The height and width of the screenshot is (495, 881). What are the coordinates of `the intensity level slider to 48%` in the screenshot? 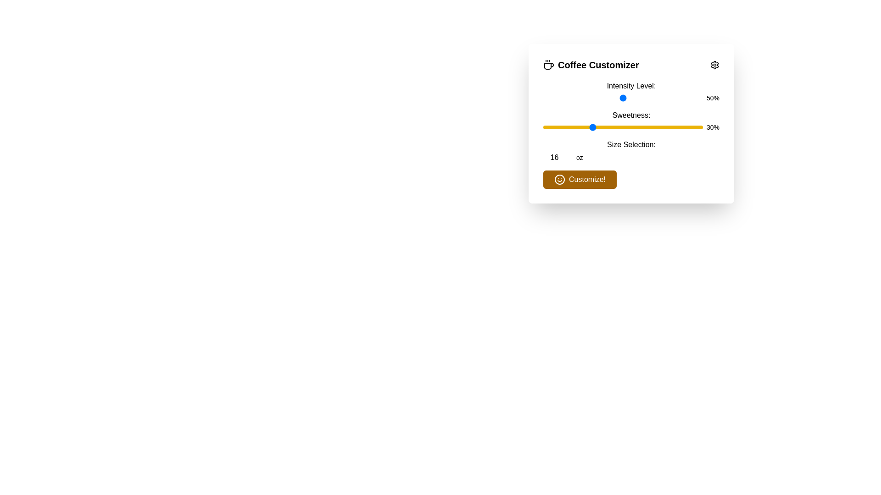 It's located at (620, 98).